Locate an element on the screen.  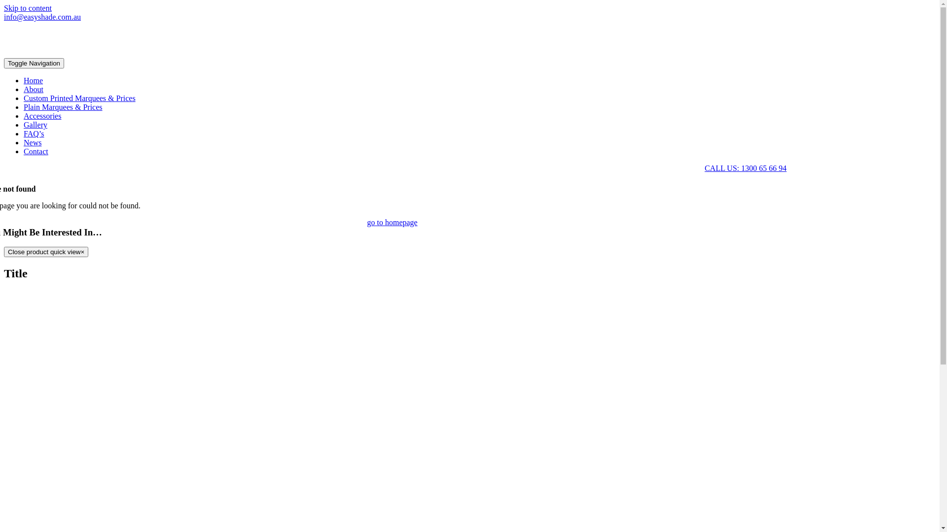
'Toggle Navigation' is located at coordinates (34, 63).